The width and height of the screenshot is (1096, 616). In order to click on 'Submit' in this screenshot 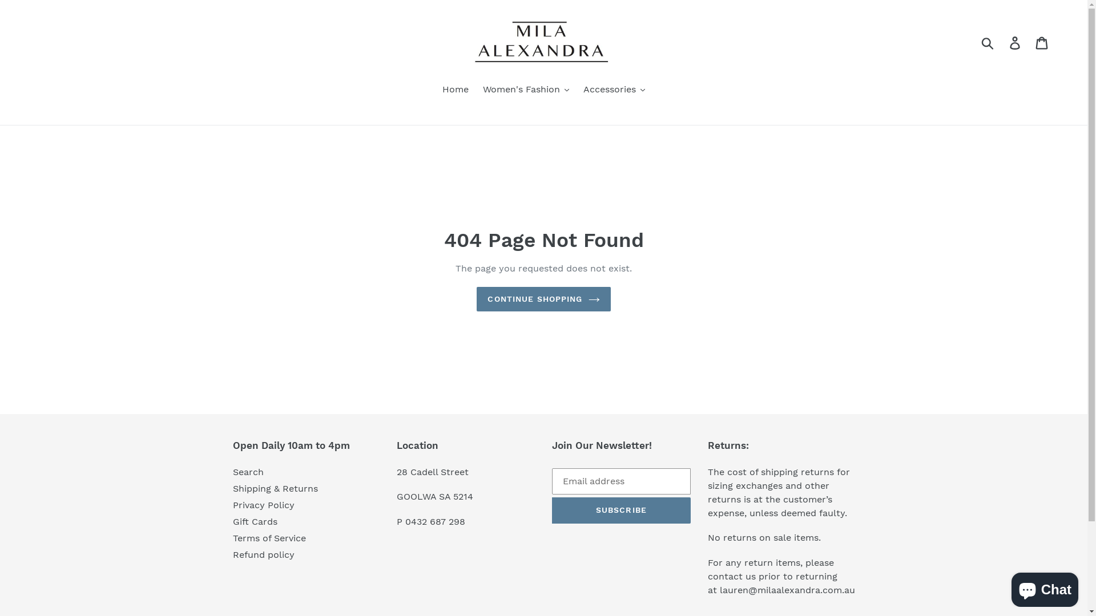, I will do `click(988, 42)`.